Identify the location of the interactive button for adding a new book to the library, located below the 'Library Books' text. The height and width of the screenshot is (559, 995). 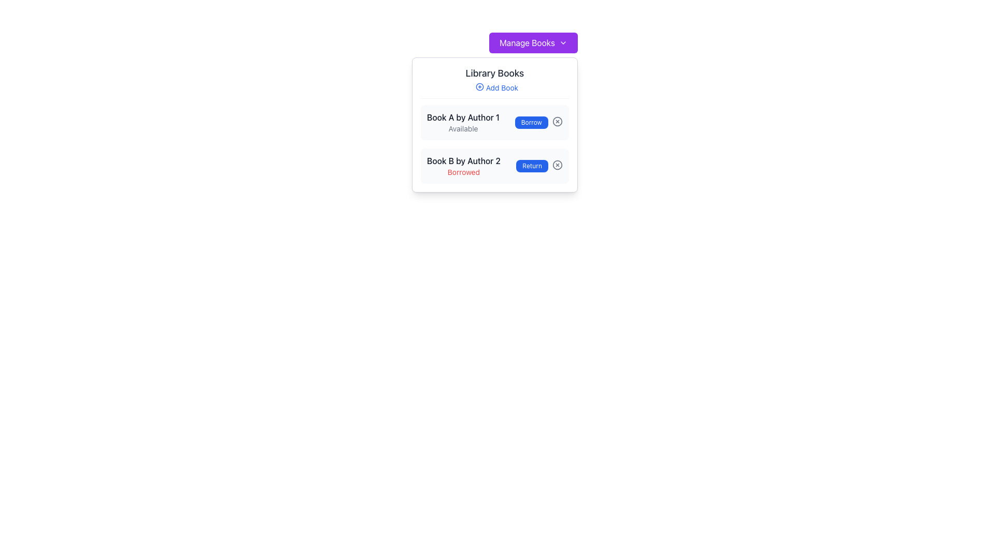
(496, 87).